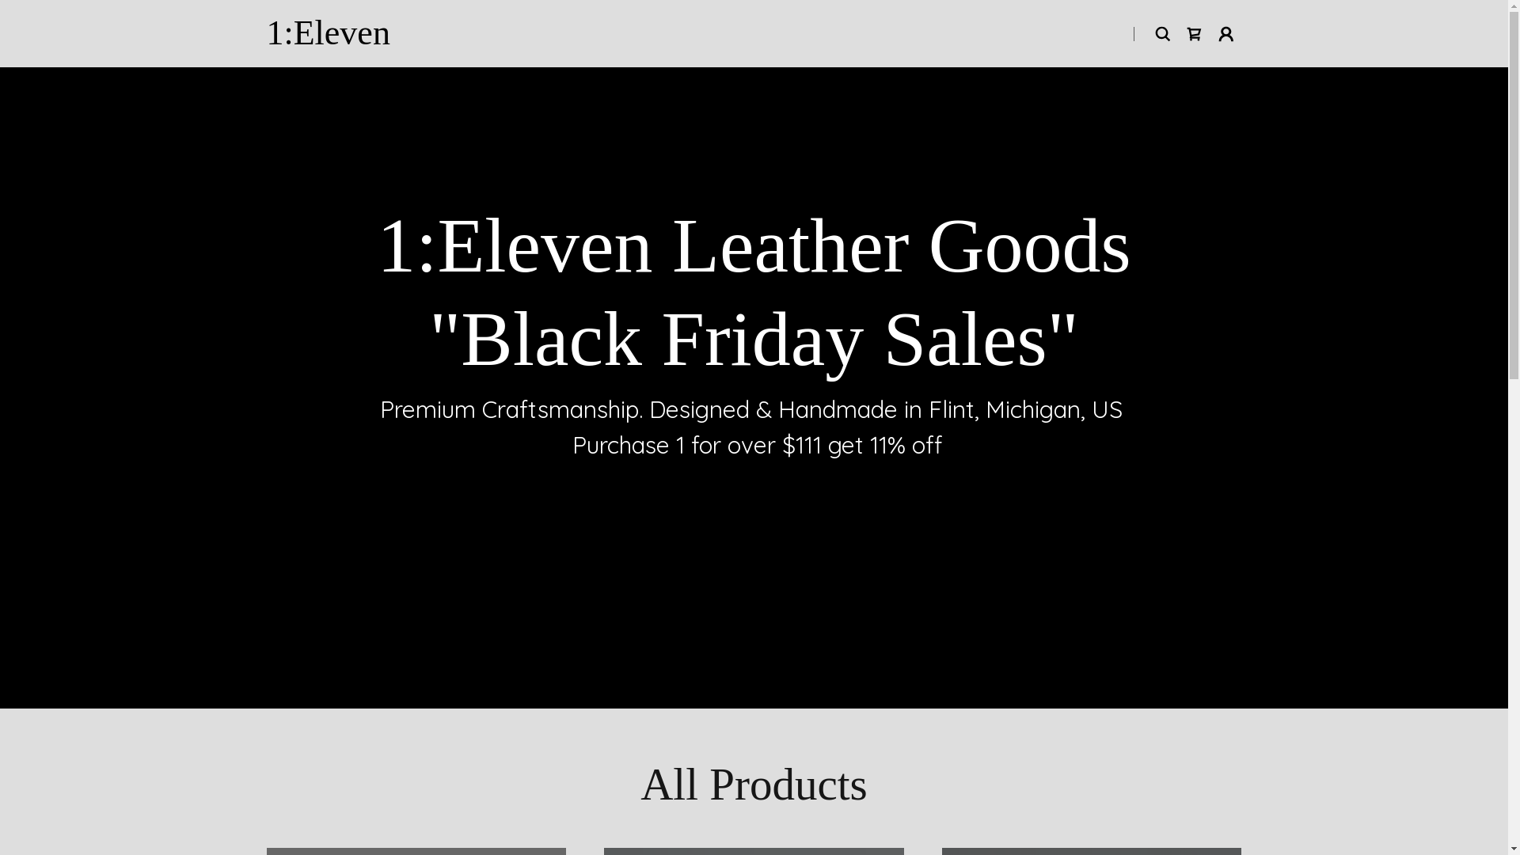  Describe the element at coordinates (326, 38) in the screenshot. I see `'1:Eleven'` at that location.